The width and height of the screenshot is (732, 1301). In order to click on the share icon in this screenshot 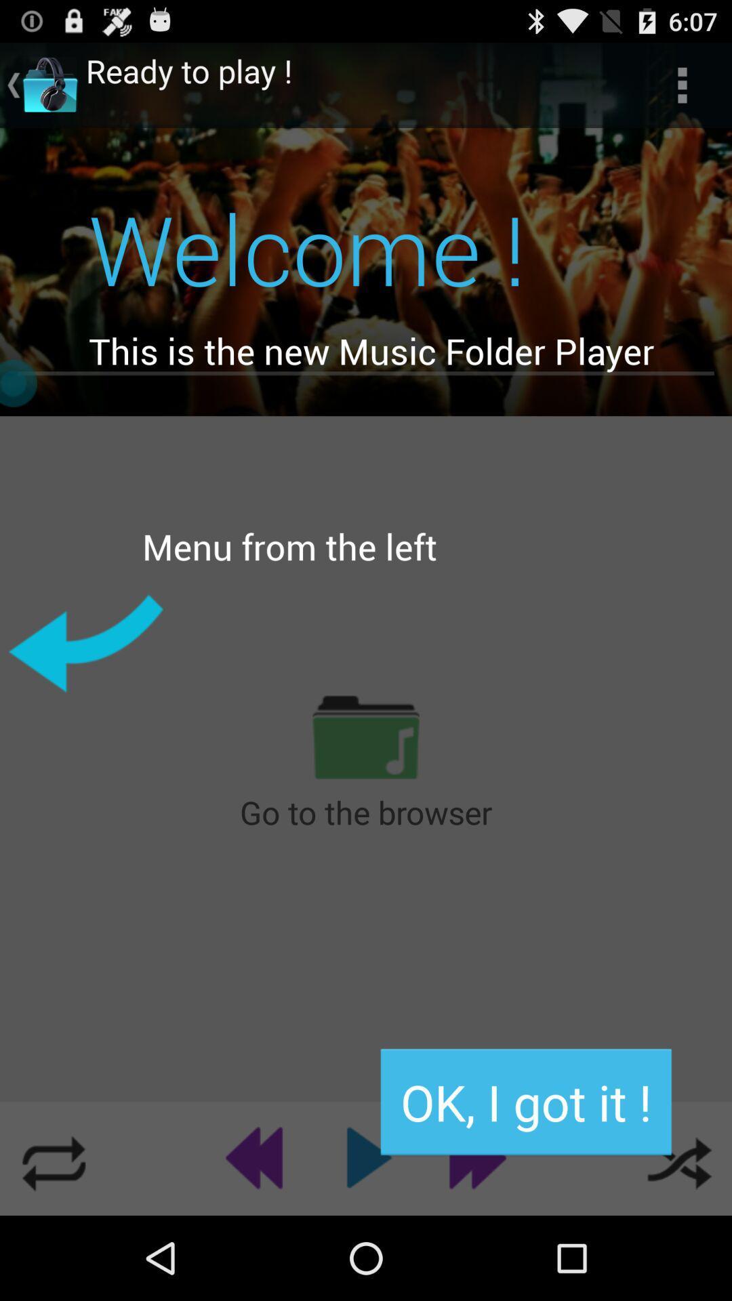, I will do `click(678, 1240)`.